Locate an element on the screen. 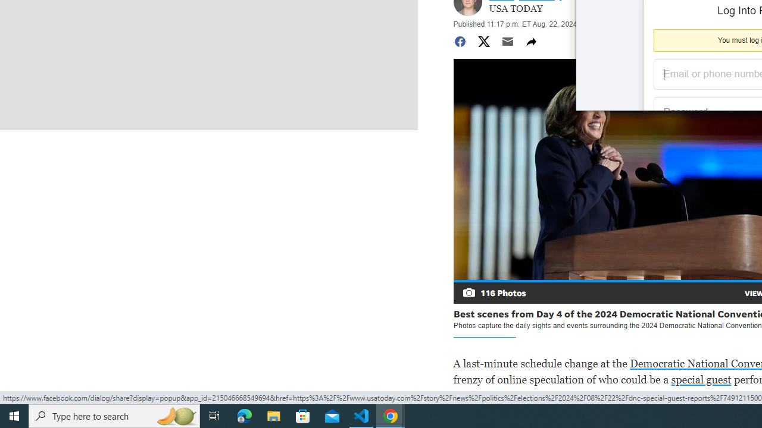 The width and height of the screenshot is (762, 428). 'Share to Facebook' is located at coordinates (459, 40).